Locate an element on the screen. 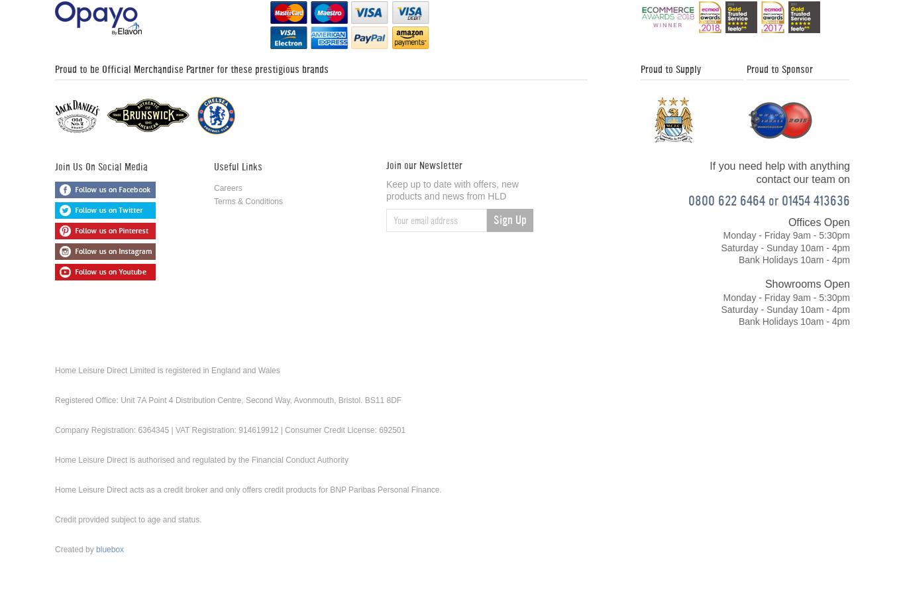 The width and height of the screenshot is (905, 596). 'Credit provided subject to age and status.' is located at coordinates (127, 520).